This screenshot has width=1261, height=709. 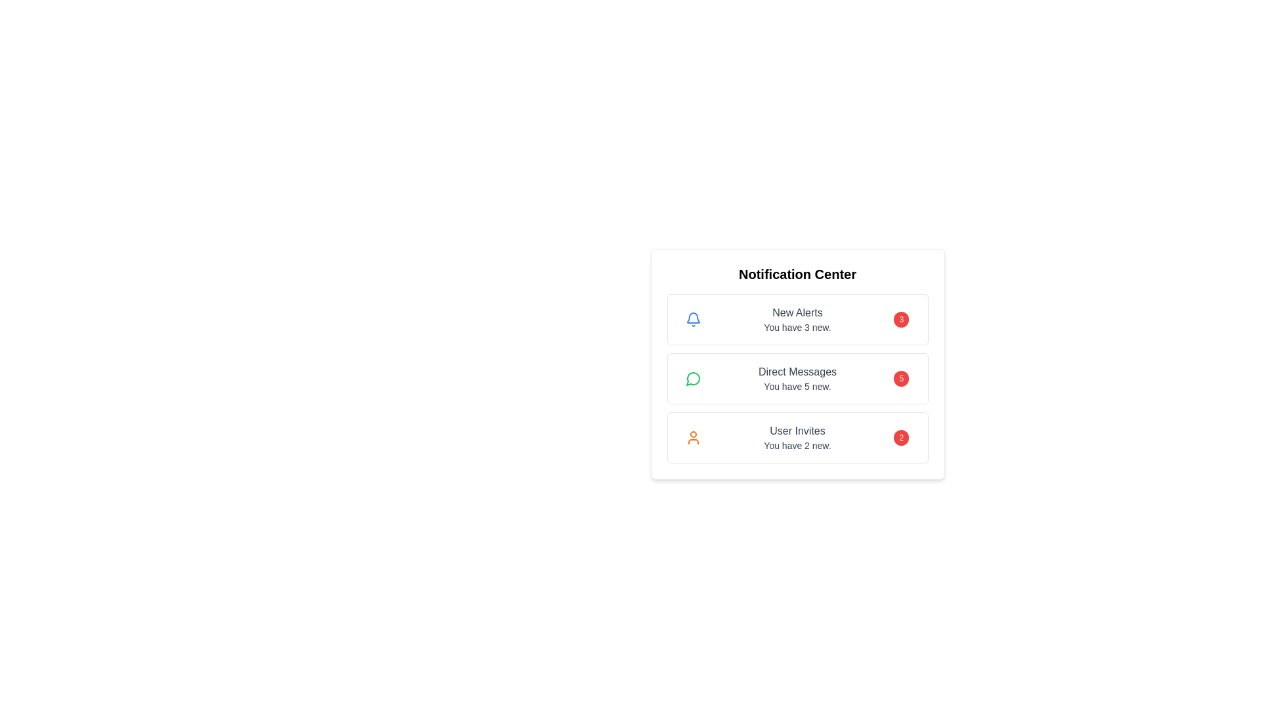 What do you see at coordinates (693, 438) in the screenshot?
I see `the user icon styled in bright orange located in the 'User Invites' section of the Notification Center` at bounding box center [693, 438].